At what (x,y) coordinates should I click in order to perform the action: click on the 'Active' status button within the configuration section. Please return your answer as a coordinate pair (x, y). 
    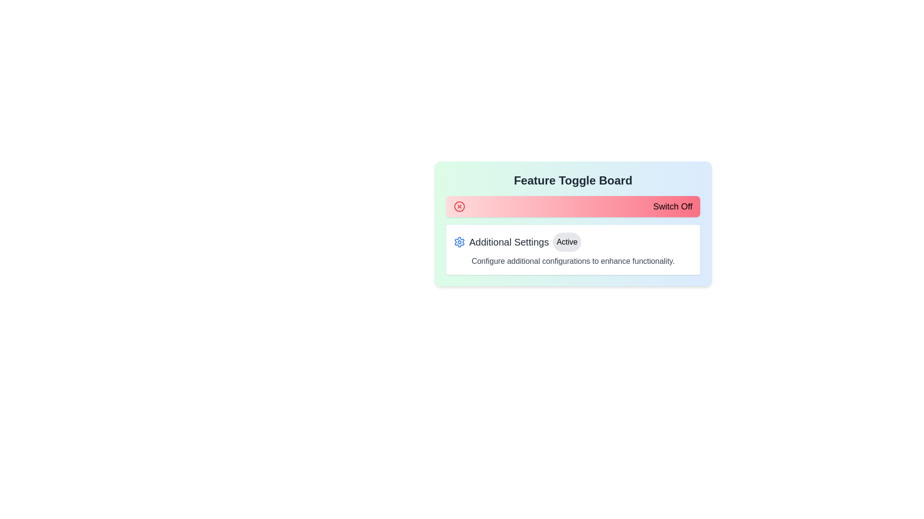
    Looking at the image, I should click on (573, 249).